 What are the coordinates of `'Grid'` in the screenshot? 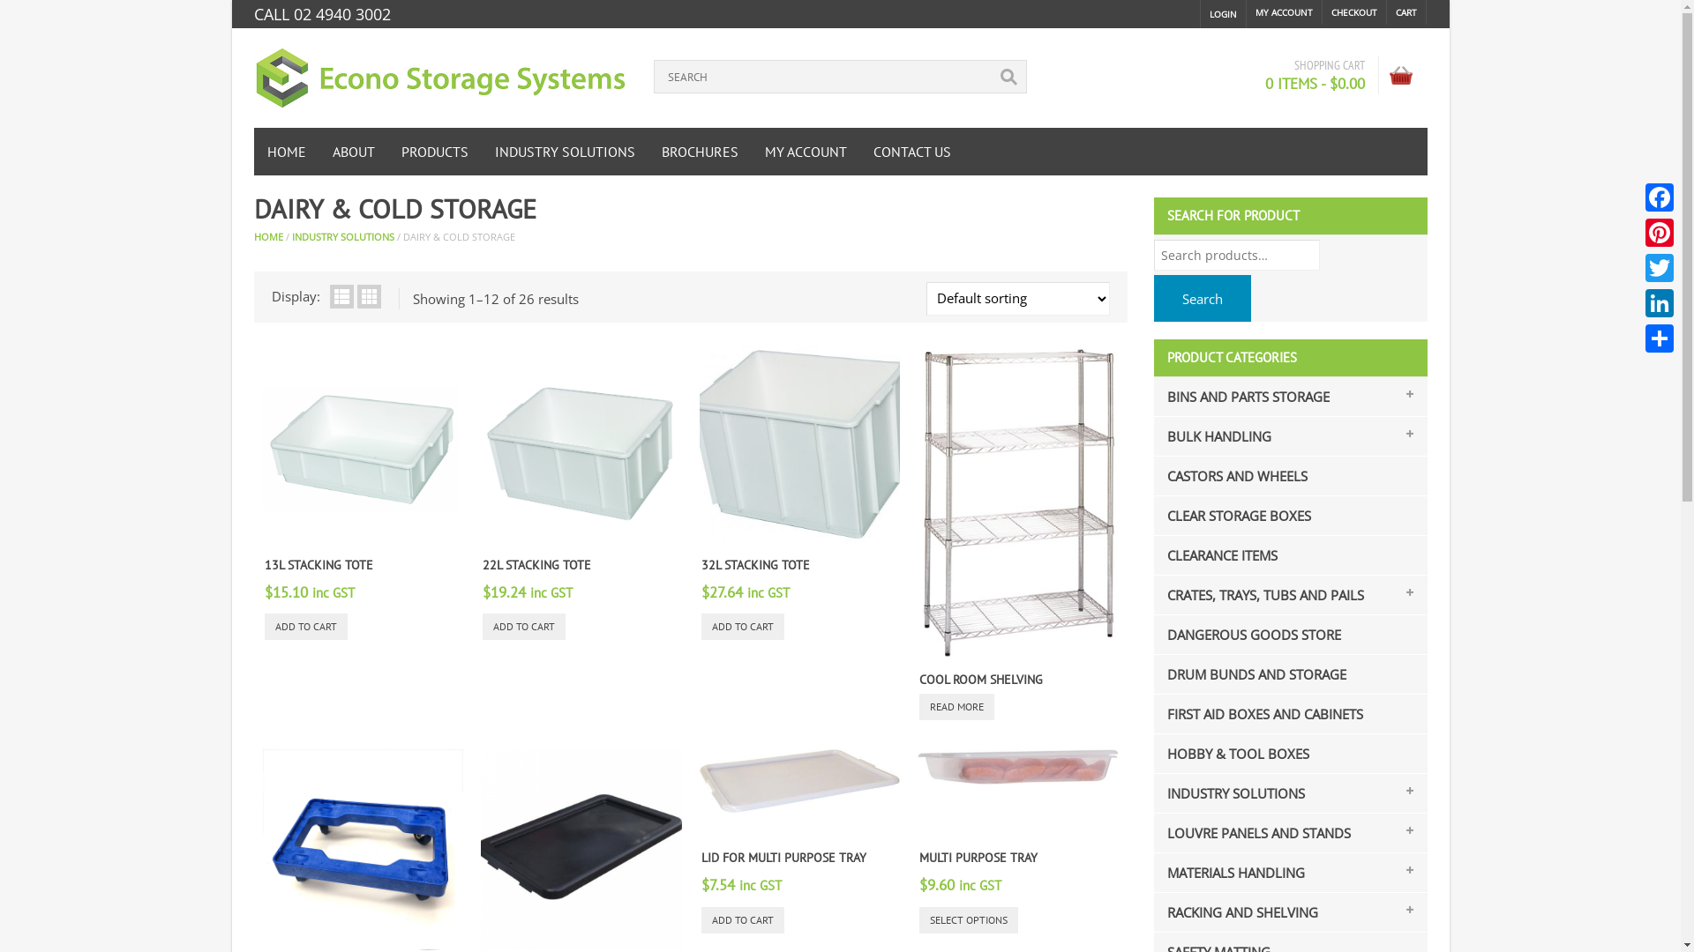 It's located at (355, 295).